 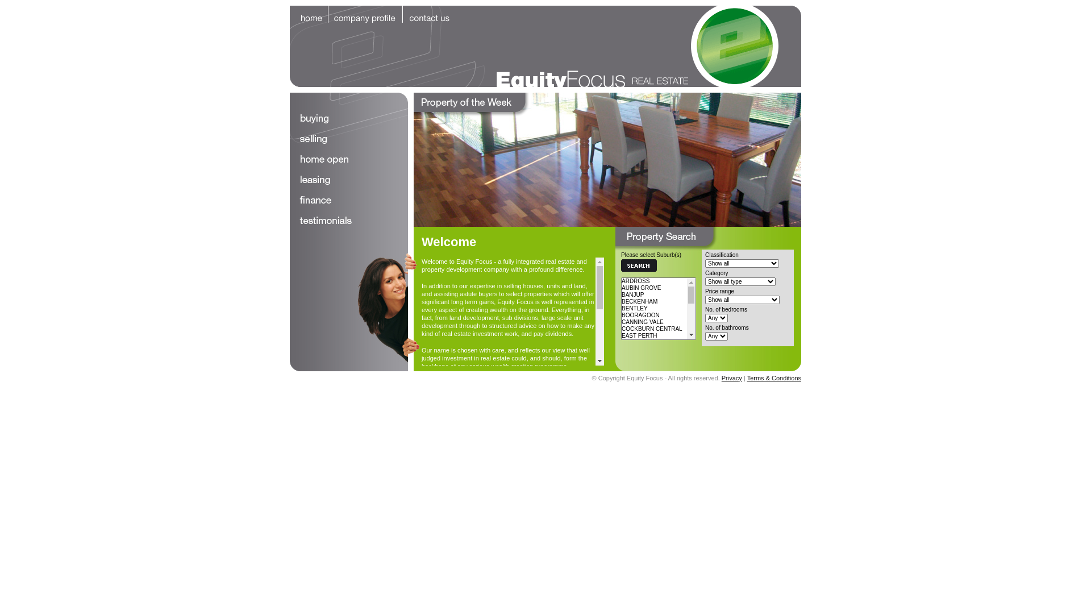 What do you see at coordinates (348, 118) in the screenshot?
I see `'buying'` at bounding box center [348, 118].